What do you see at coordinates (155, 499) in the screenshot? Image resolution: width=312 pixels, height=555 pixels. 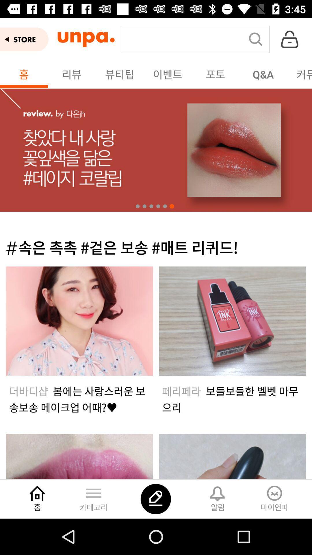 I see `the thumbs_up icon` at bounding box center [155, 499].